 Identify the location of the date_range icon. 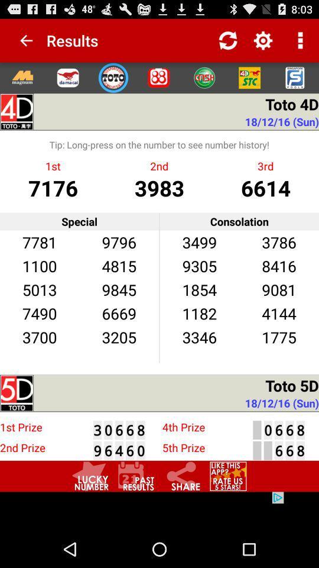
(136, 509).